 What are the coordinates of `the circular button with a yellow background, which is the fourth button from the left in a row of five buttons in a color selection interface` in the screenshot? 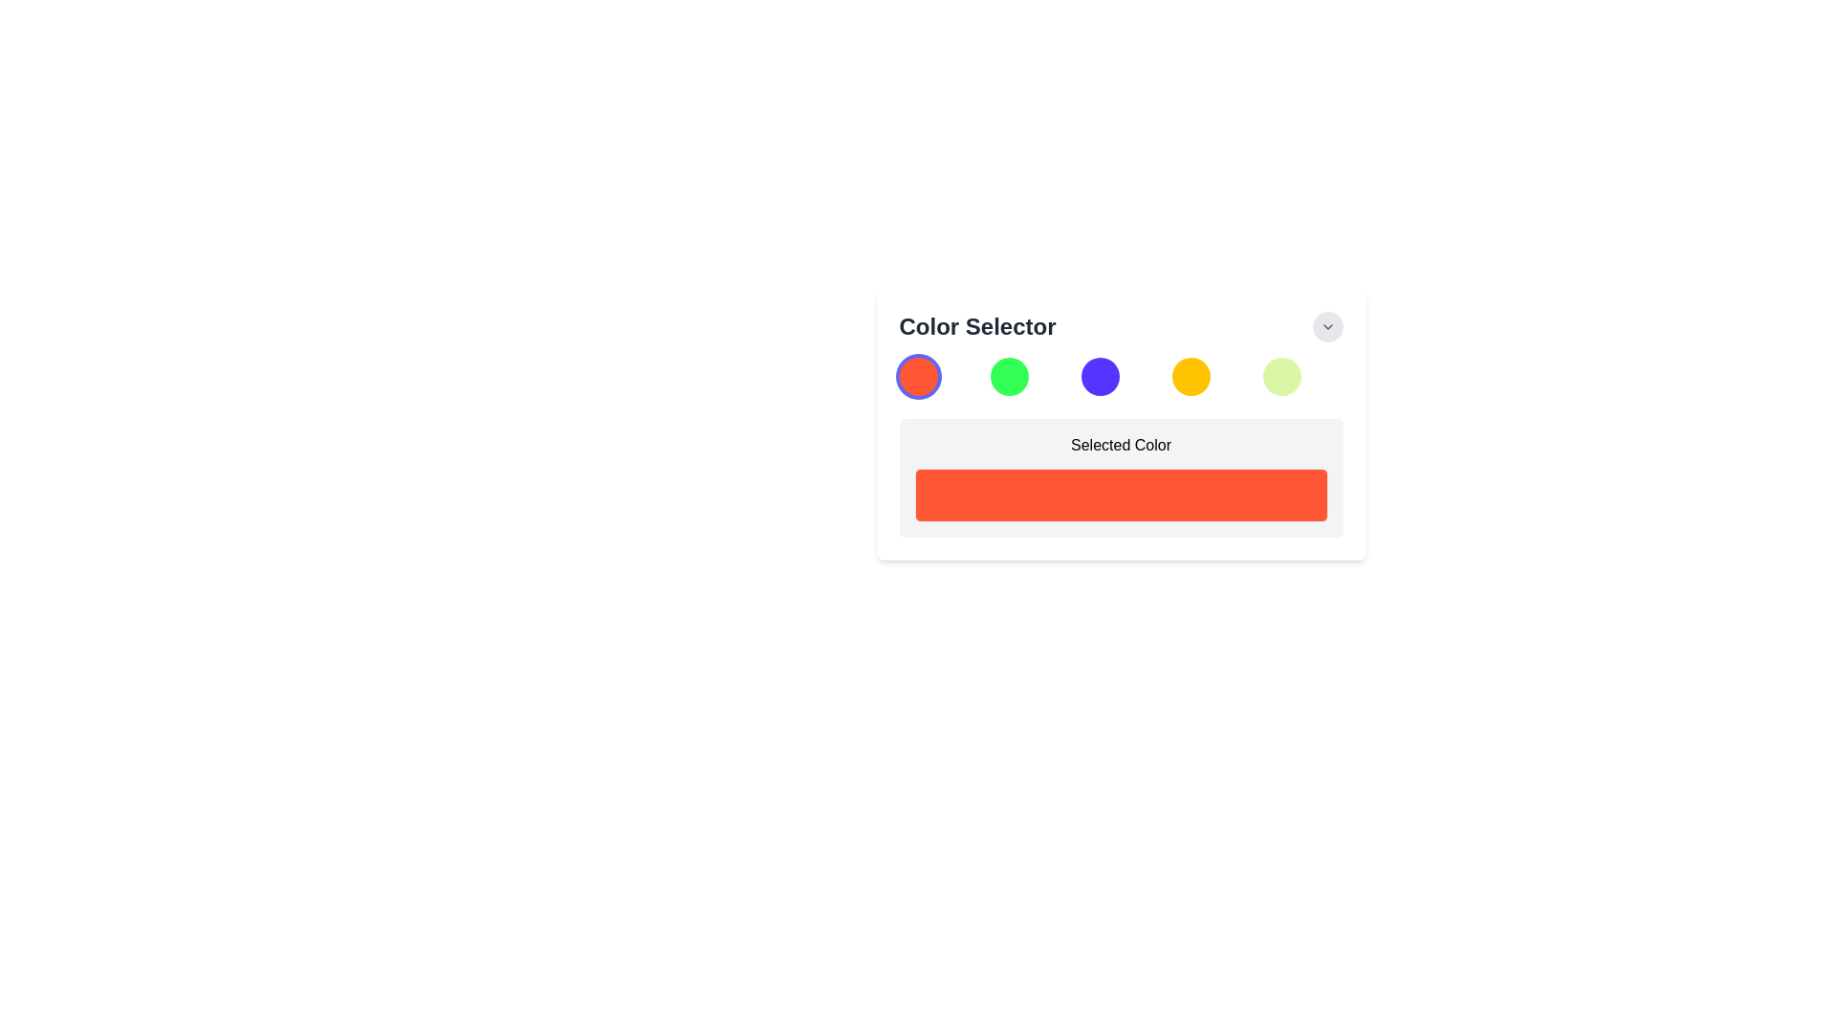 It's located at (1191, 376).